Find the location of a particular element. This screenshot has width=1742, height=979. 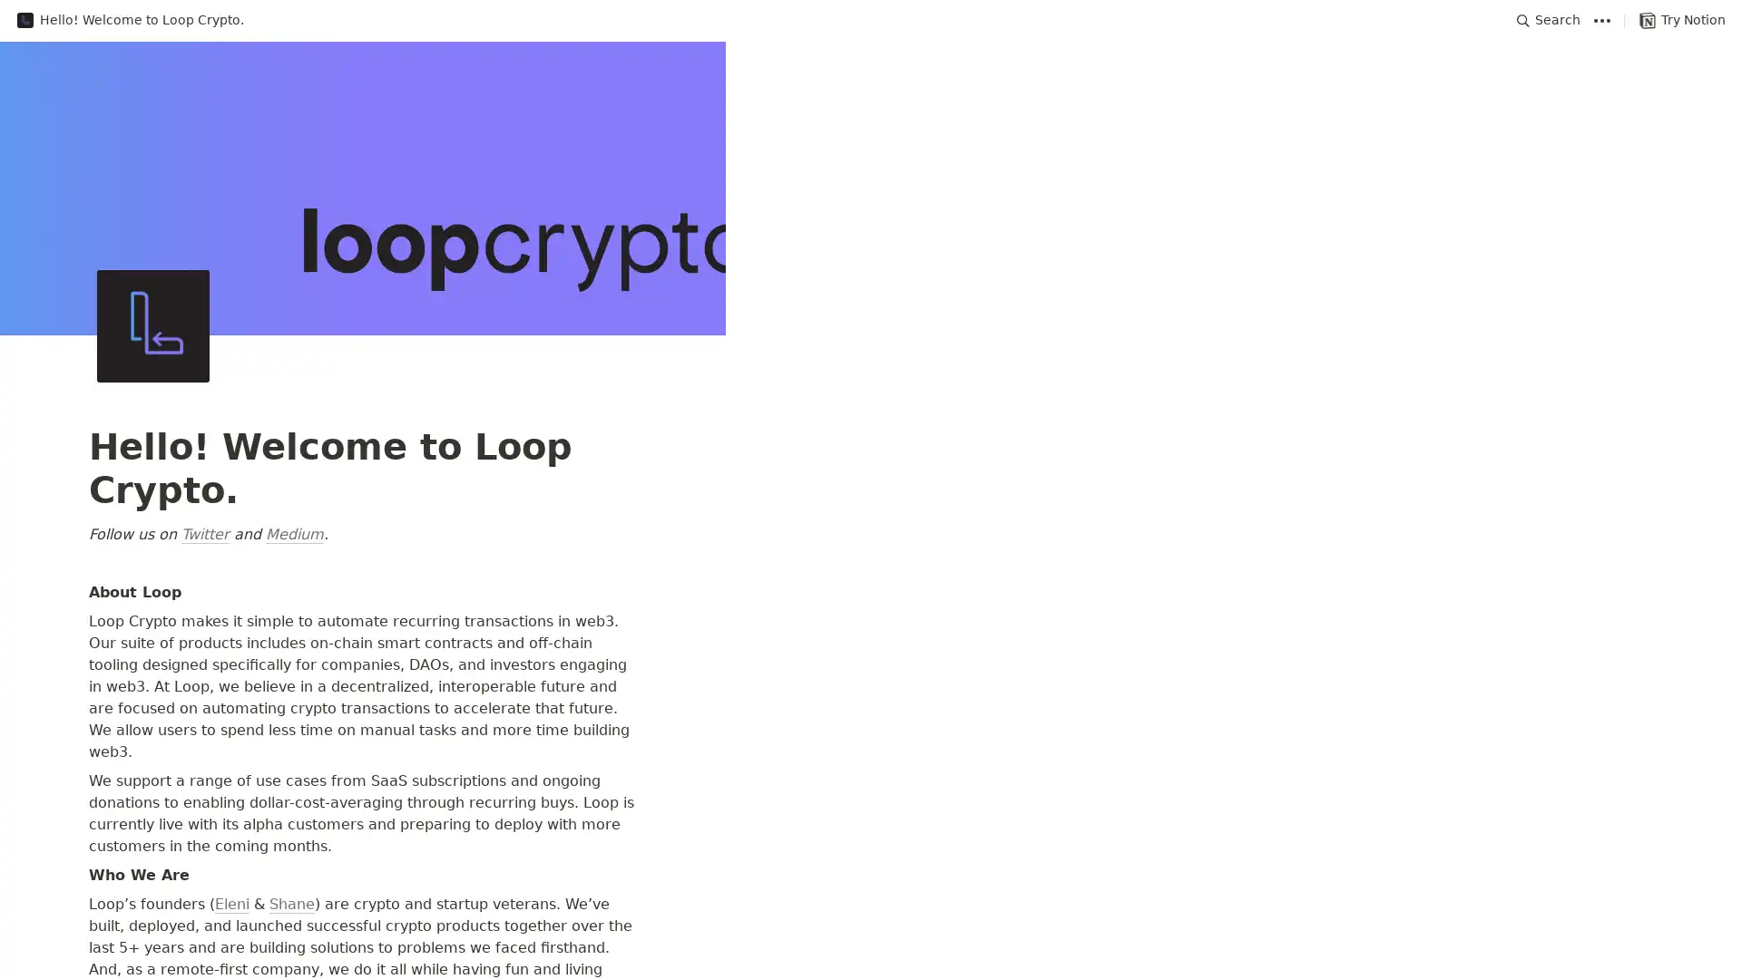

Try Notion is located at coordinates (1681, 20).